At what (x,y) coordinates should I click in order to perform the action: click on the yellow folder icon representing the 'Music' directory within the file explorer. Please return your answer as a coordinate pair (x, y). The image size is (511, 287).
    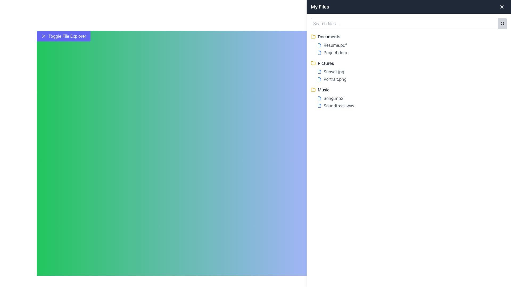
    Looking at the image, I should click on (313, 89).